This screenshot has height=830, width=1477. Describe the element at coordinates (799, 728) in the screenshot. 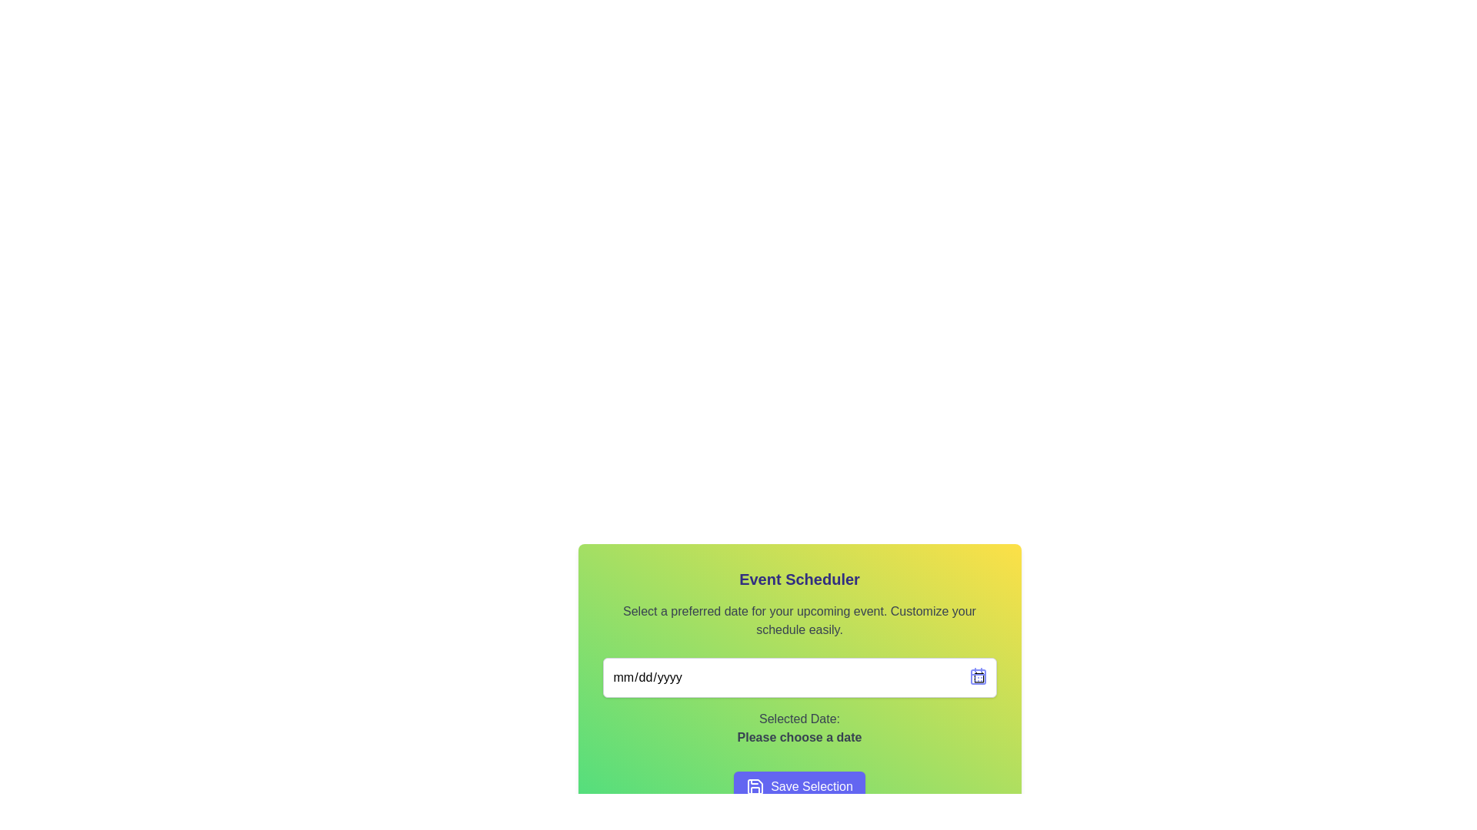

I see `the text display element that shows 'Selected Date:' and 'Please choose a date' in gray font on a gradient background` at that location.